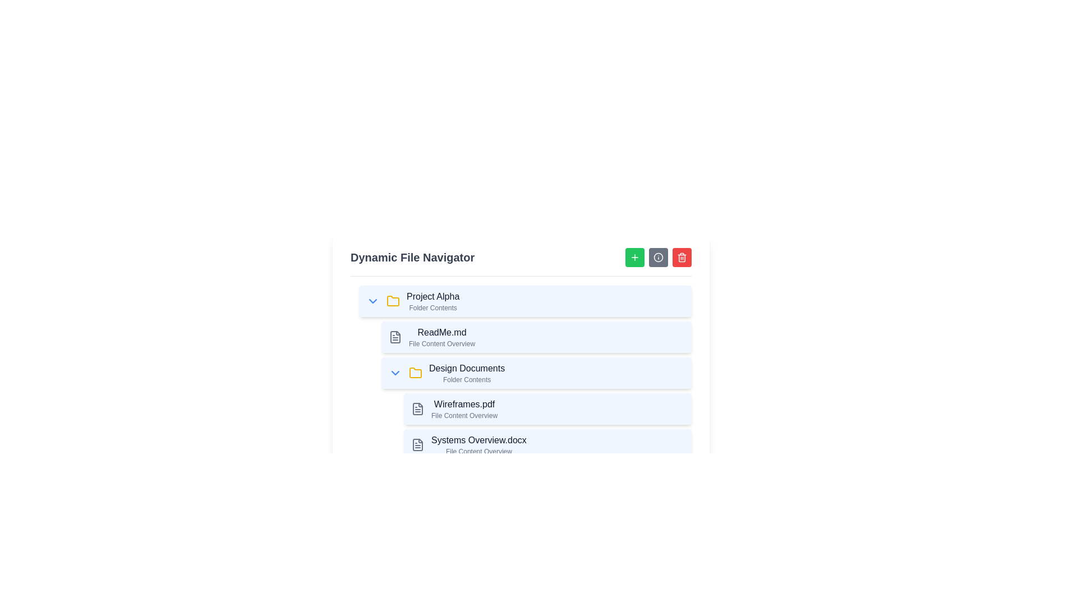  I want to click on the descriptive text label providing information about the folder labeled 'Project Alpha', which is located directly beneath the 'Project Alpha' text in the file navigator layout, so click(432, 307).